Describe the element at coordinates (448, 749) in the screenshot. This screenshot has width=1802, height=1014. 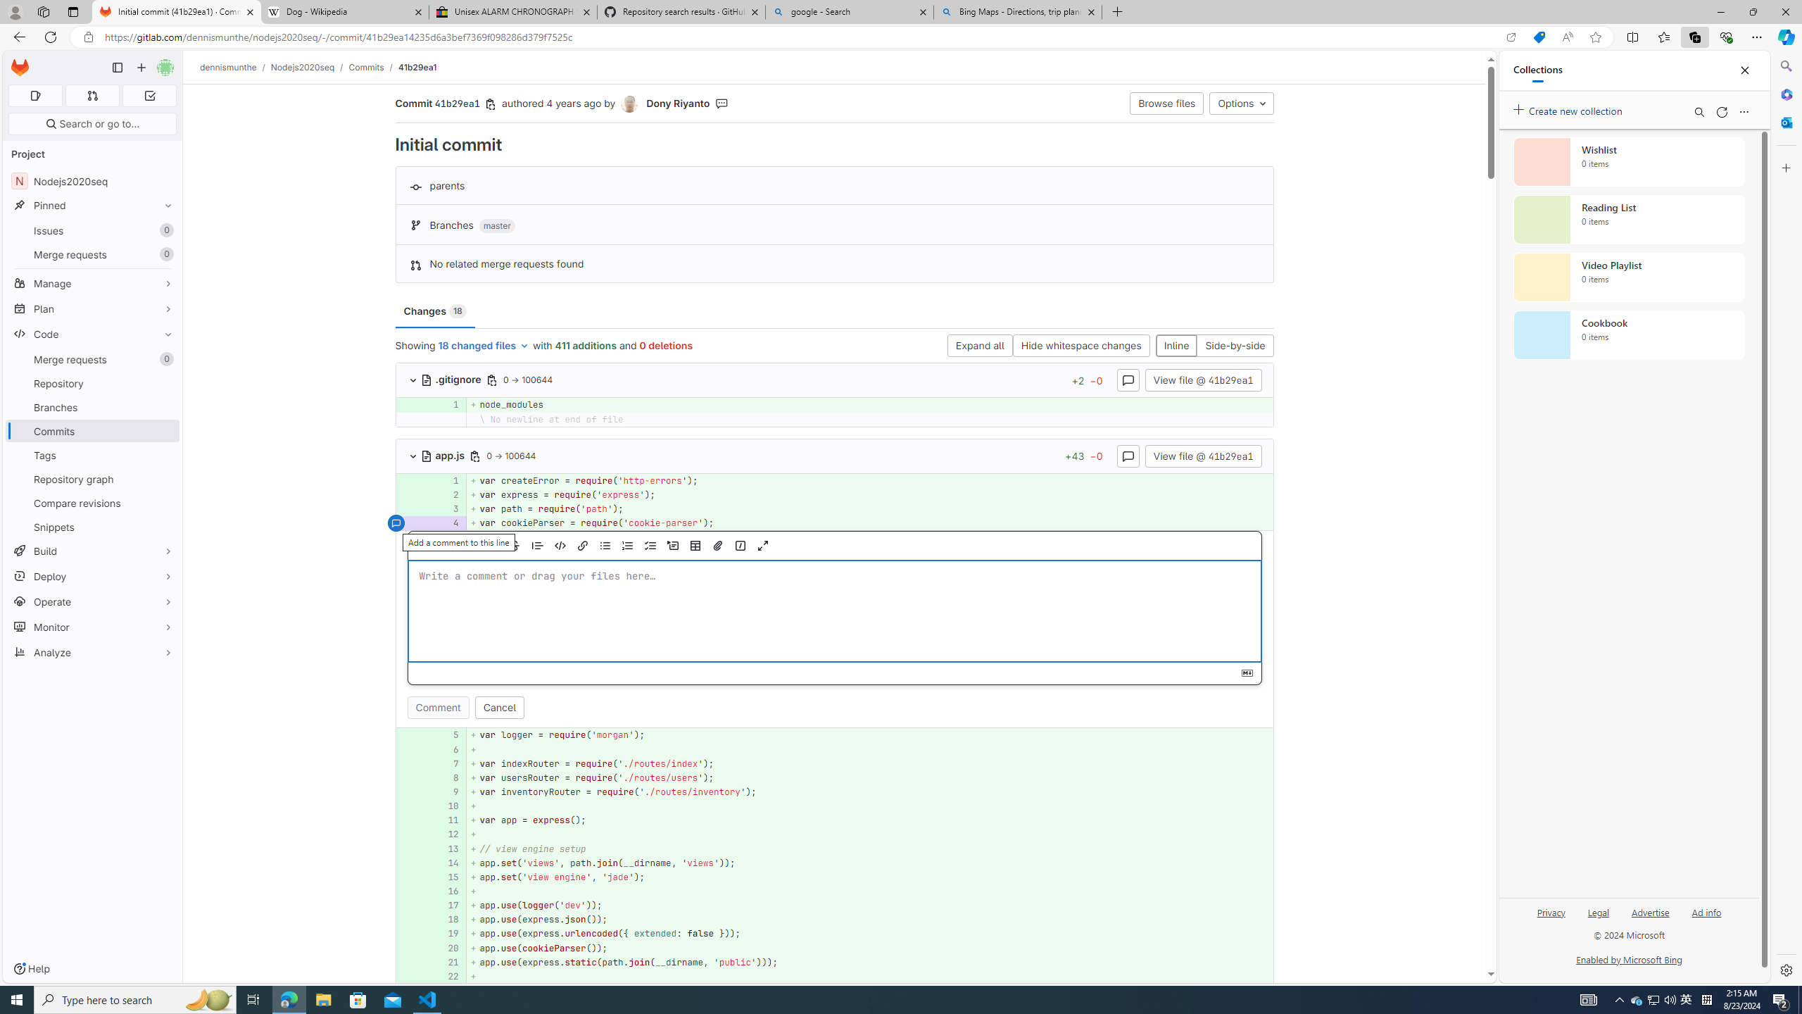
I see `'6'` at that location.